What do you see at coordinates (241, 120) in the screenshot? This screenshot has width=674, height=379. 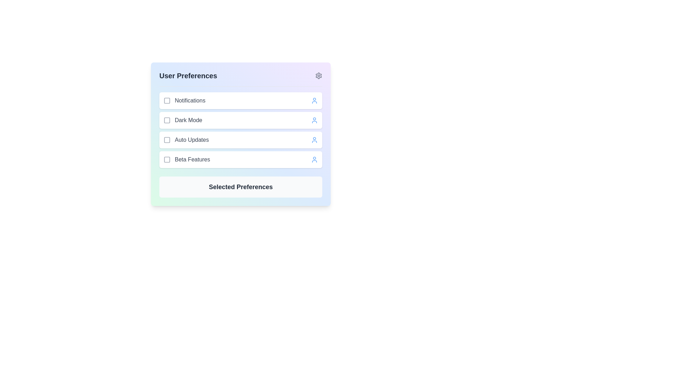 I see `the 'Dark Mode' selectable option in the User Preferences section` at bounding box center [241, 120].